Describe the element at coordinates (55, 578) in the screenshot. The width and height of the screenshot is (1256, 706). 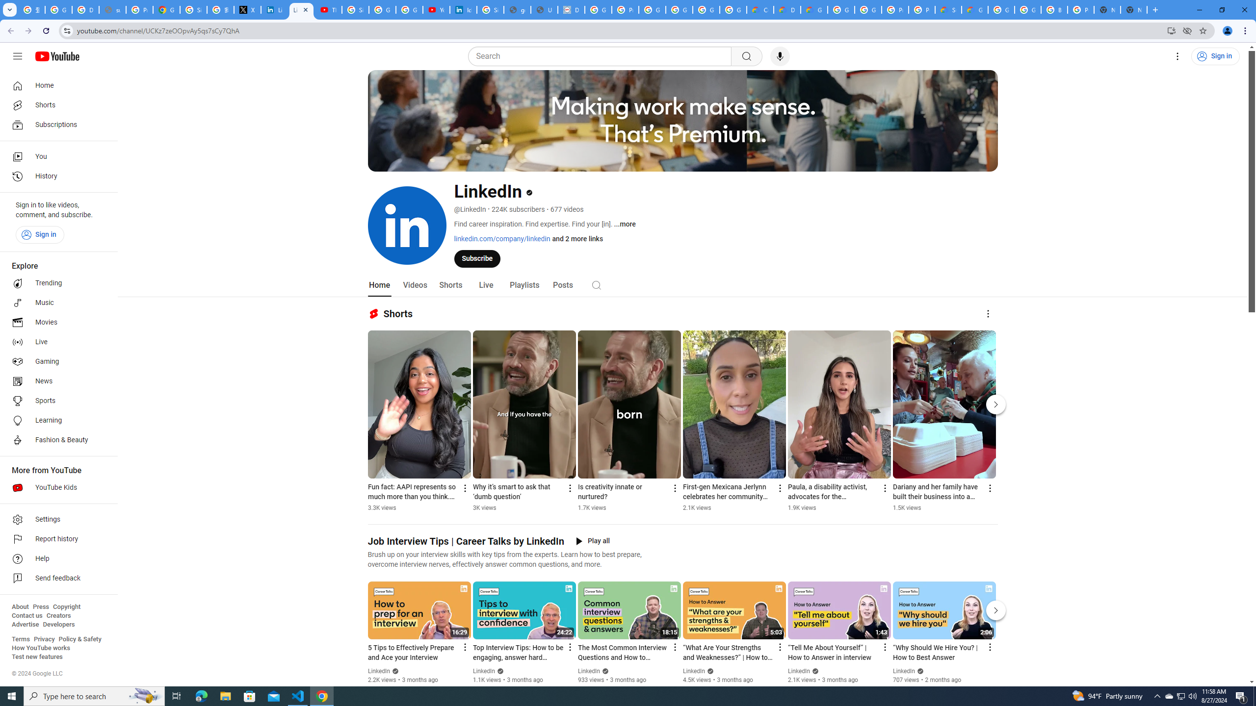
I see `'Send feedback'` at that location.